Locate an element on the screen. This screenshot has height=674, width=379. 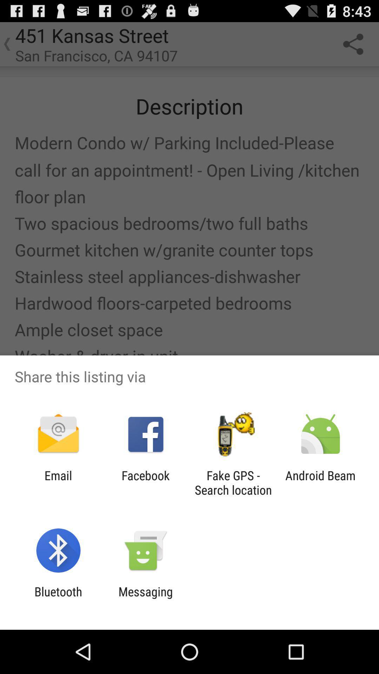
the icon at the bottom right corner is located at coordinates (320, 482).